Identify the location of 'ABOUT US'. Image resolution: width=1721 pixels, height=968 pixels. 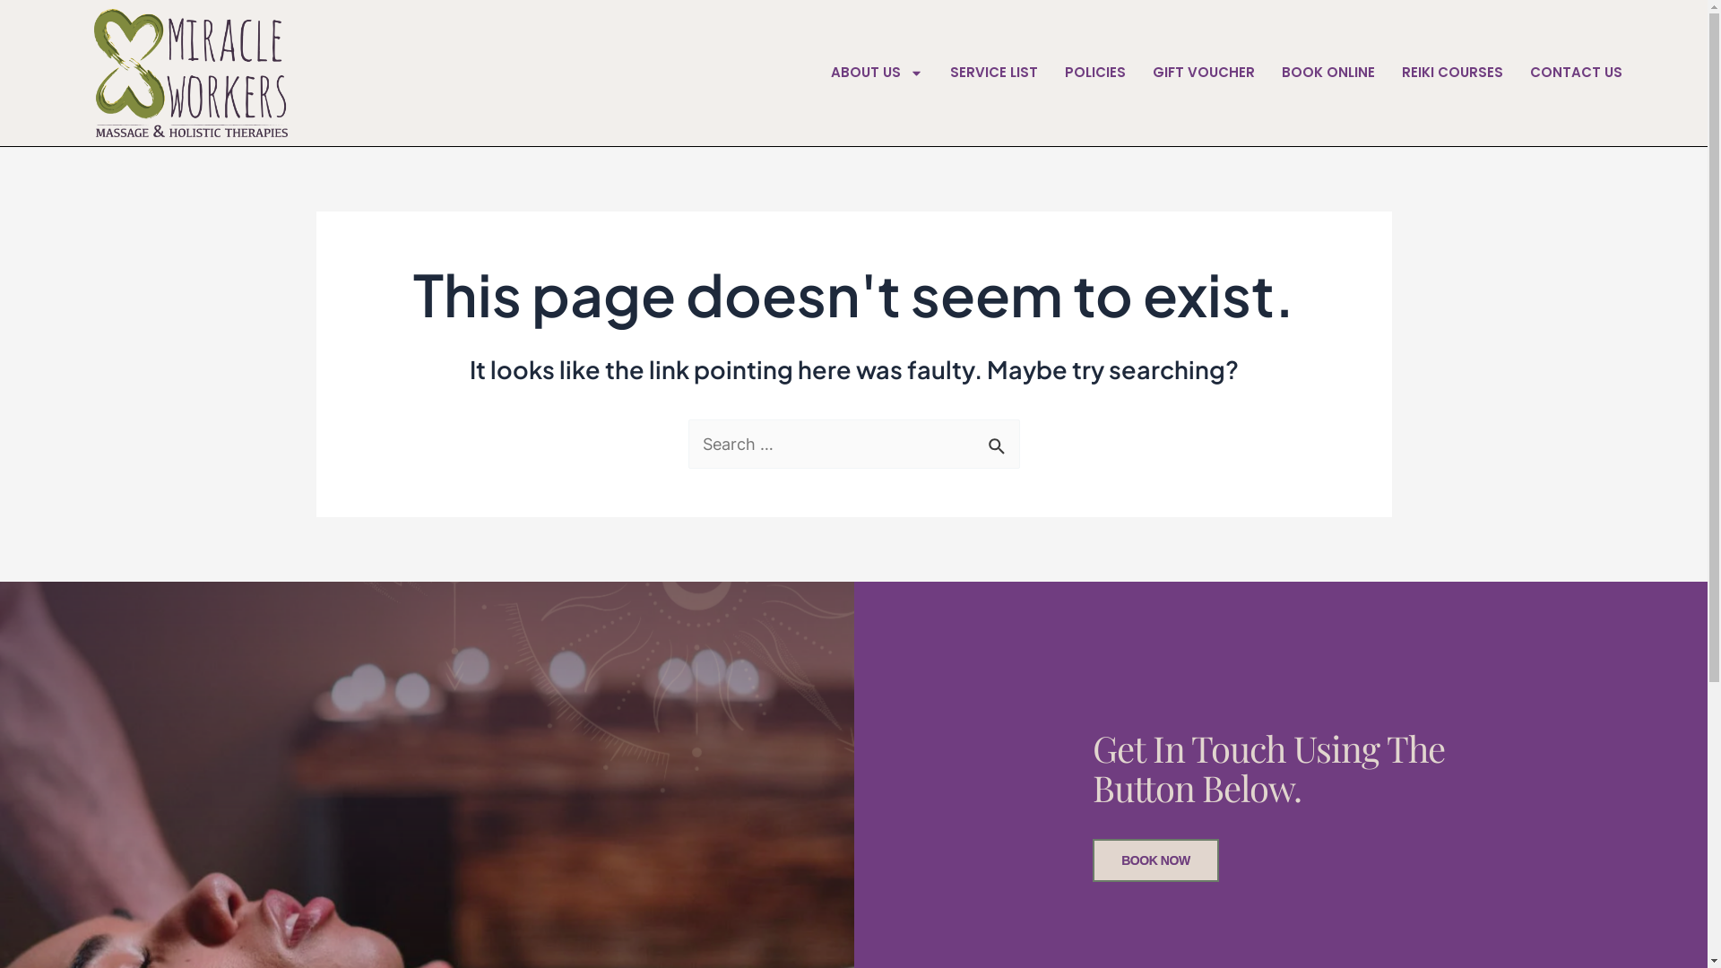
(877, 72).